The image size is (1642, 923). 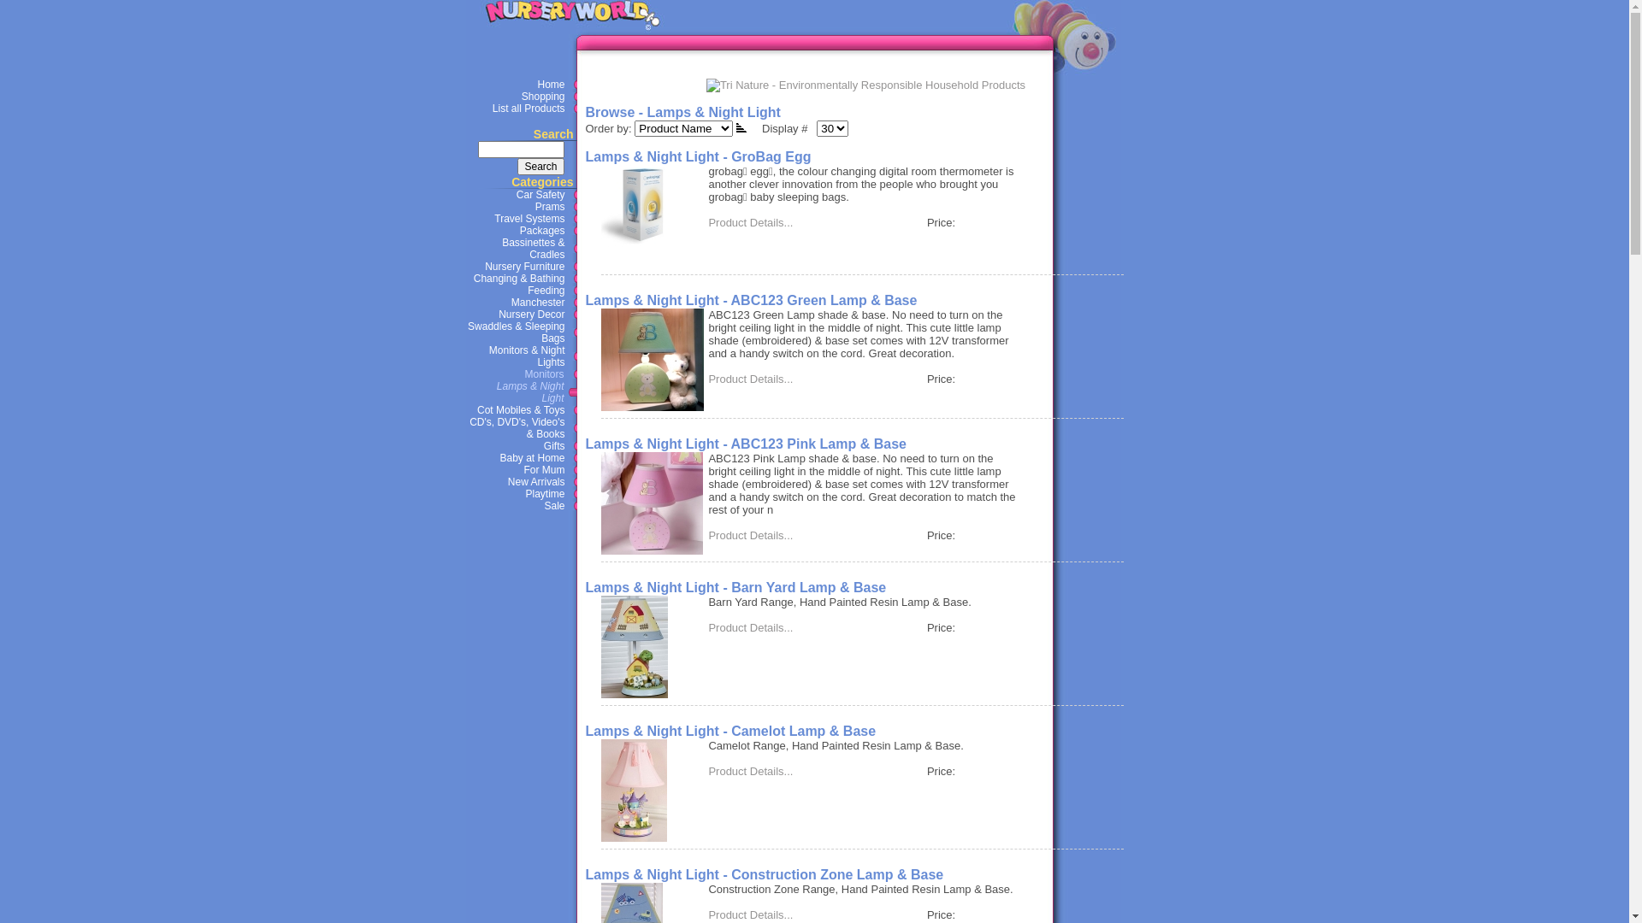 I want to click on 'Playtime', so click(x=520, y=494).